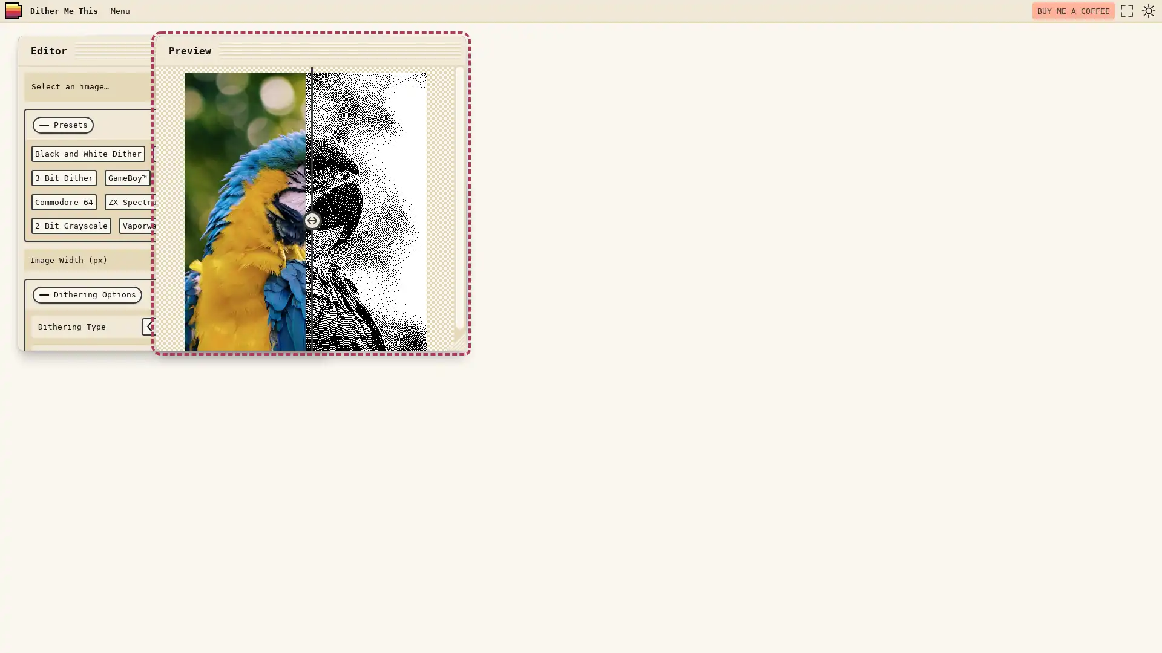 Image resolution: width=1162 pixels, height=653 pixels. I want to click on select previous option, so click(159, 325).